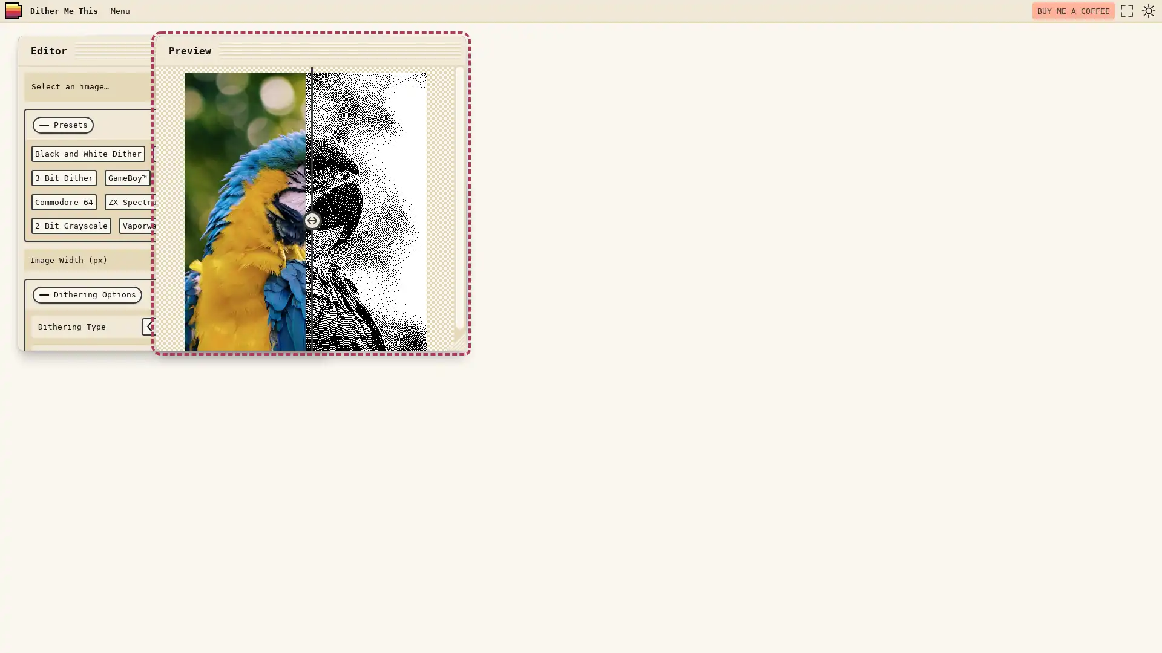 Image resolution: width=1162 pixels, height=653 pixels. I want to click on select previous option, so click(159, 325).